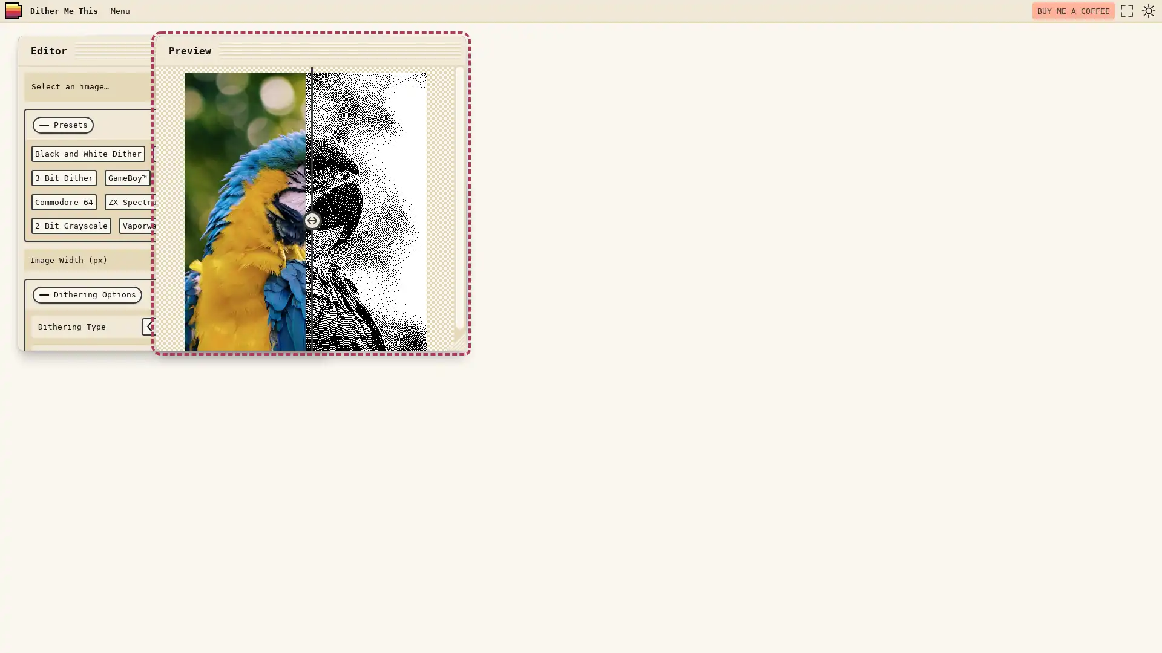 Image resolution: width=1162 pixels, height=653 pixels. I want to click on select previous option, so click(159, 325).